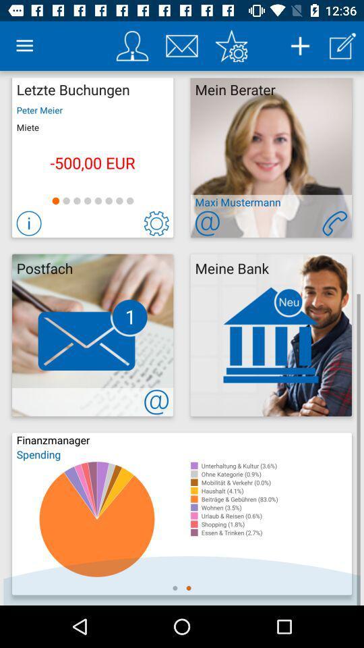  I want to click on icon below unterhaltung kultur 3 icon, so click(276, 474).